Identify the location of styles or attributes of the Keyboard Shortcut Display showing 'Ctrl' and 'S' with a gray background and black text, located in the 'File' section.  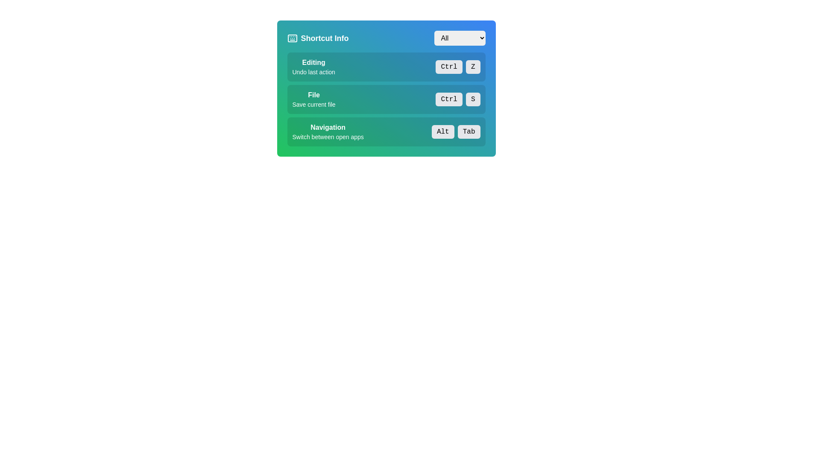
(457, 99).